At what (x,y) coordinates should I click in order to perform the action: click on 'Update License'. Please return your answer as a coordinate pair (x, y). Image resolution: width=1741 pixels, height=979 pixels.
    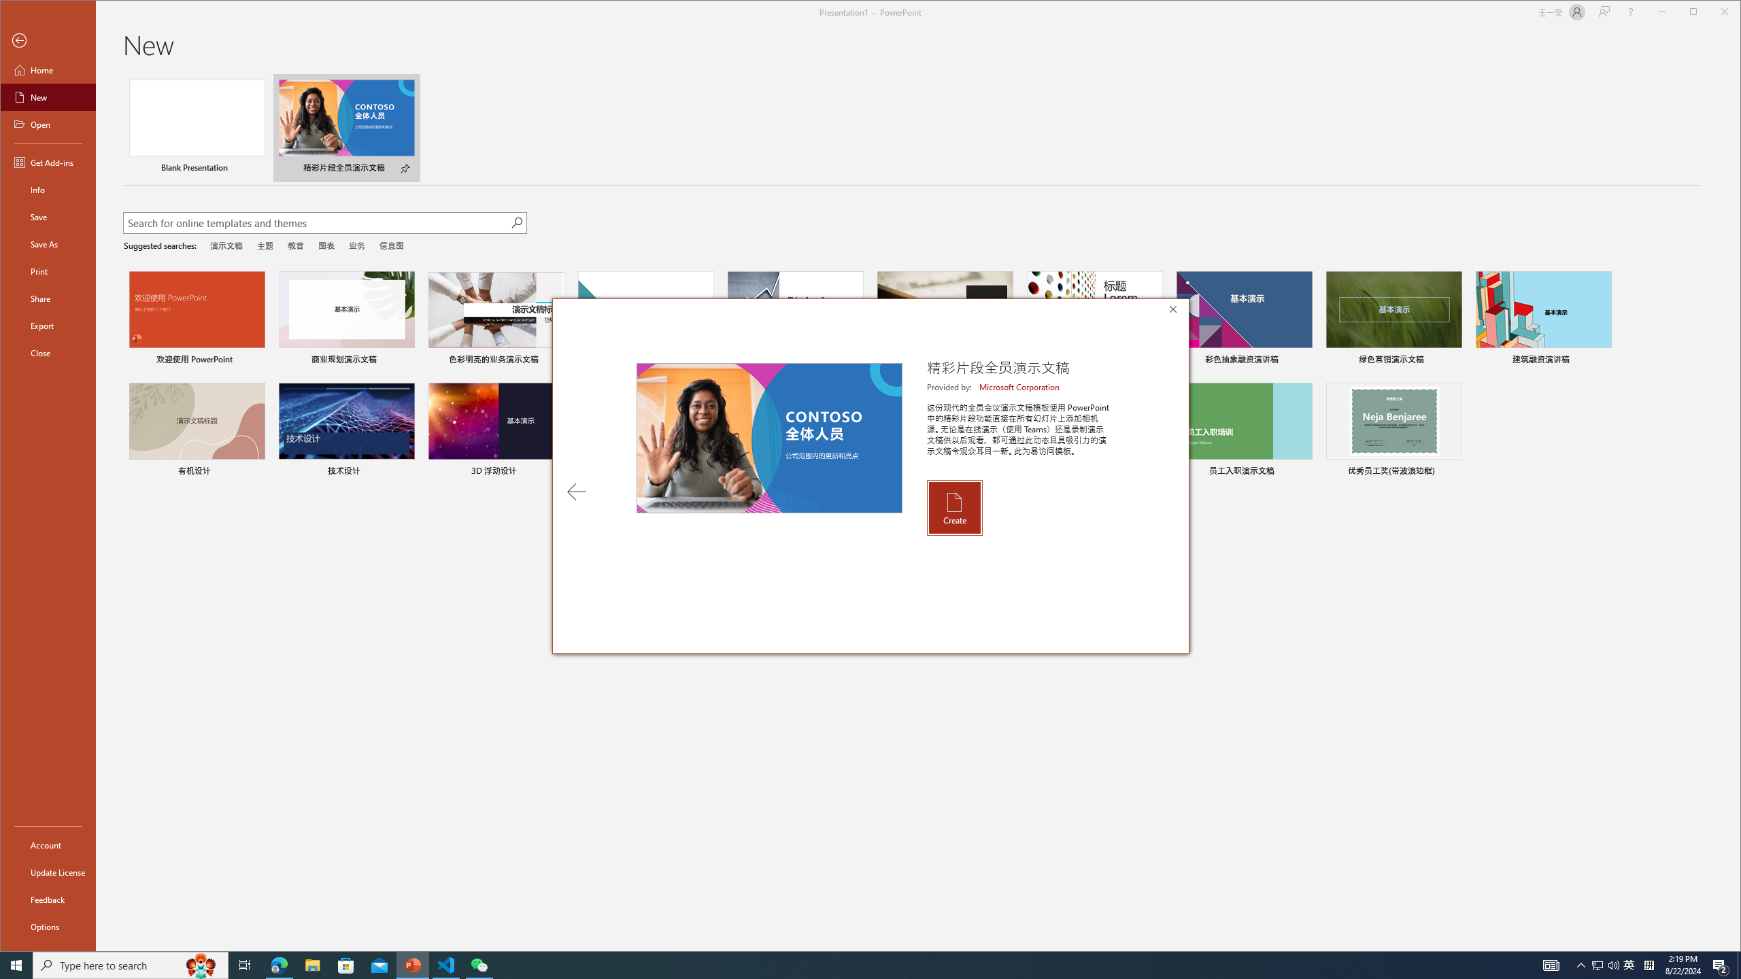
    Looking at the image, I should click on (47, 872).